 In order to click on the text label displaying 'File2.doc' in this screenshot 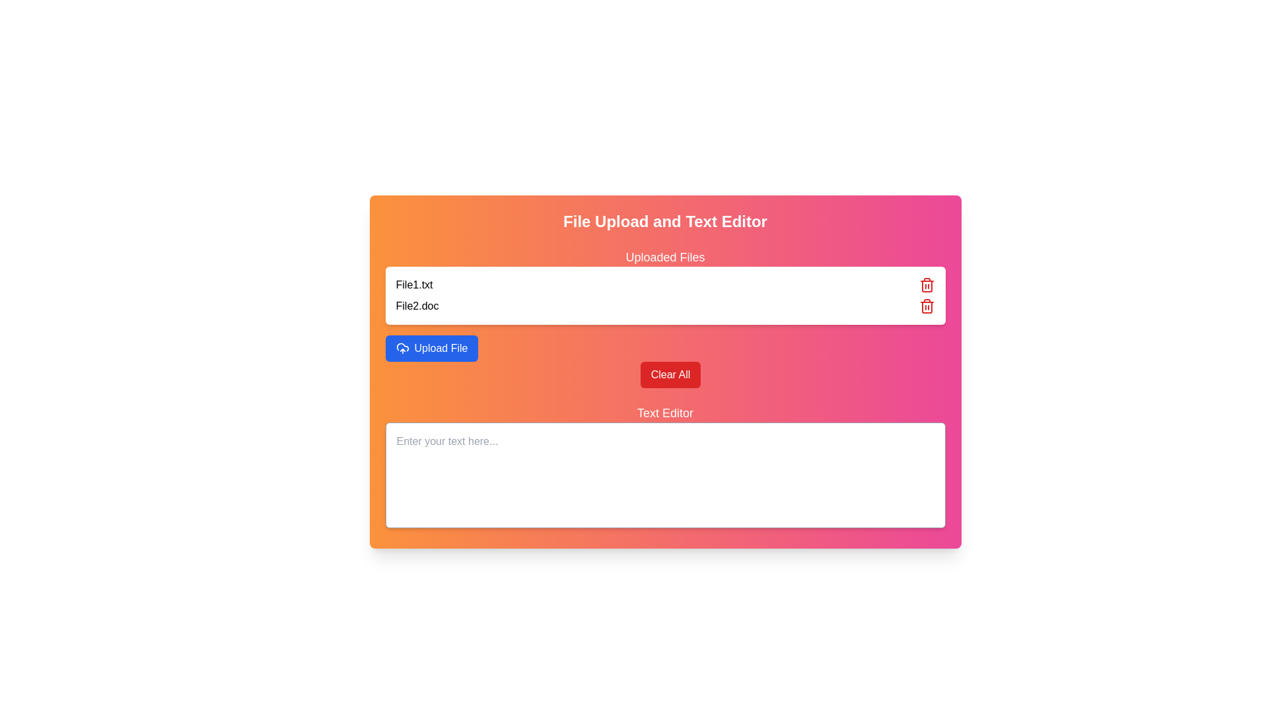, I will do `click(416, 306)`.